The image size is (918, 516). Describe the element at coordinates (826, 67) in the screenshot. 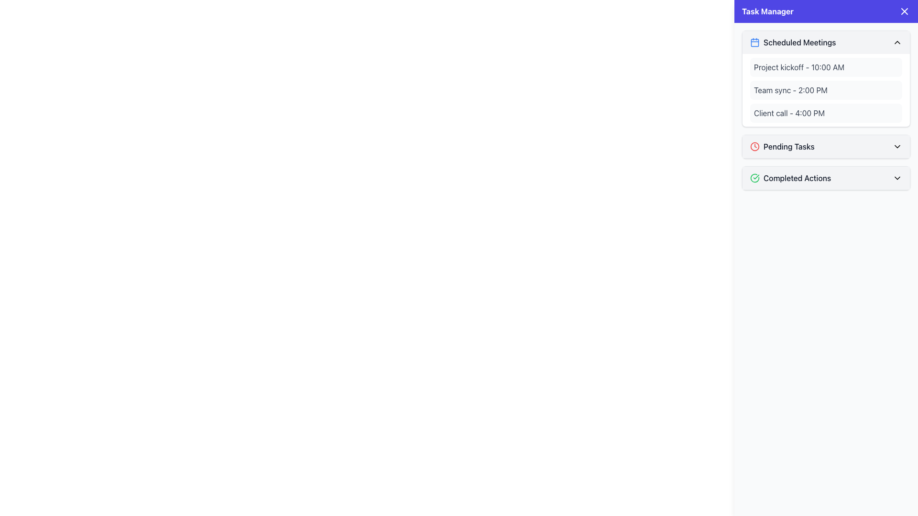

I see `the first meeting schedule entry in the 'Scheduled Meetings' section of the 'Task Manager' panel, which displays the meeting name and time` at that location.